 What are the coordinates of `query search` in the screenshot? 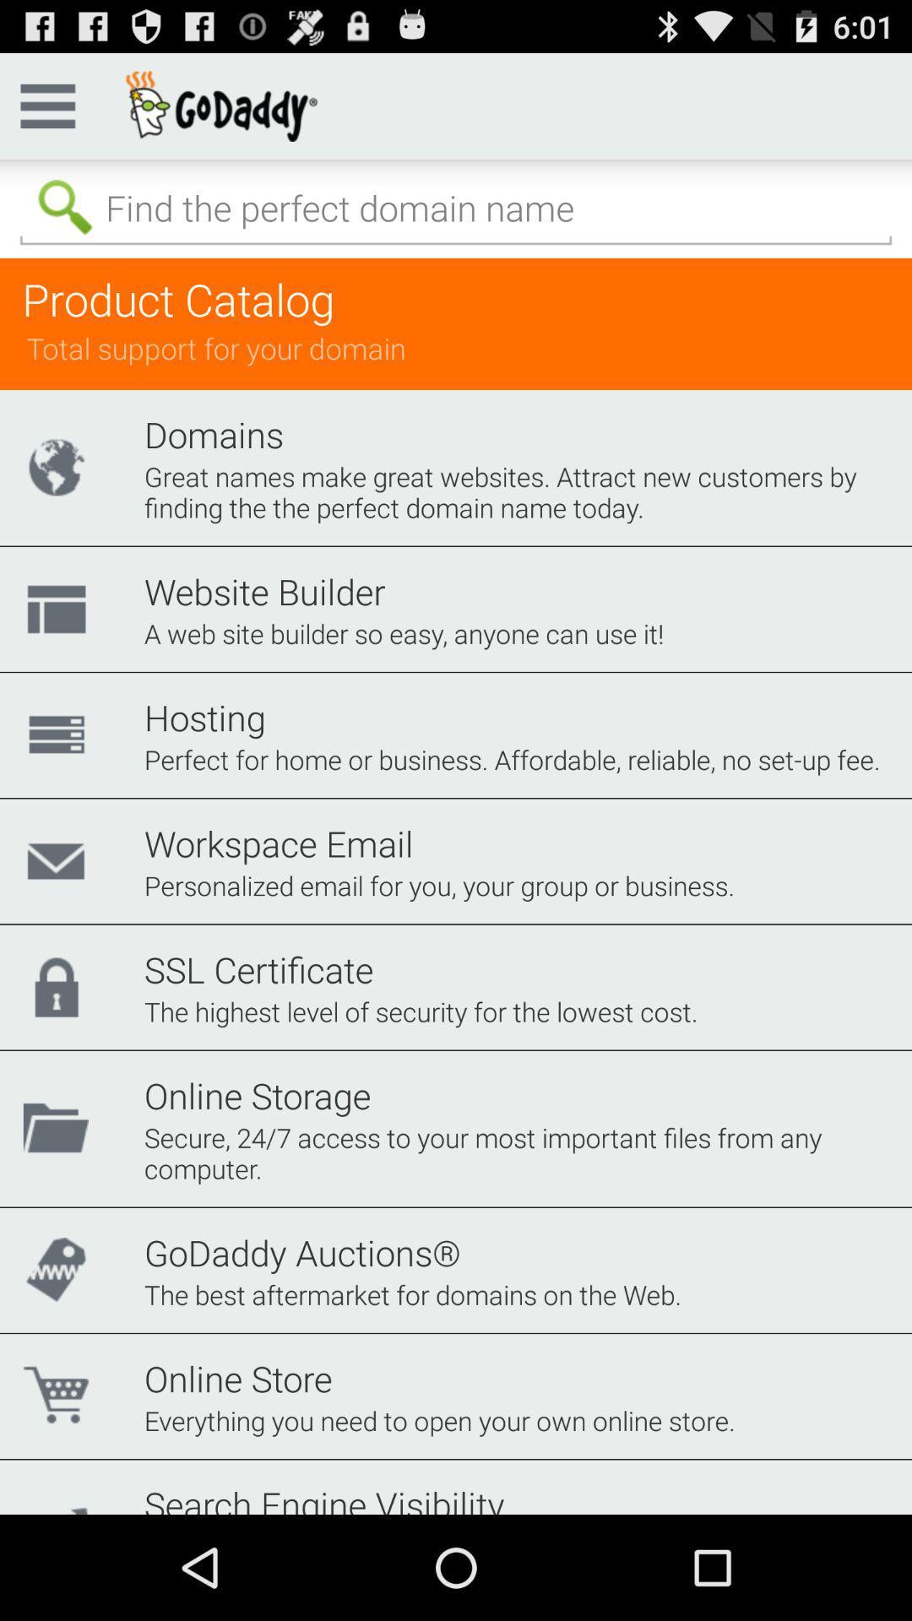 It's located at (456, 208).